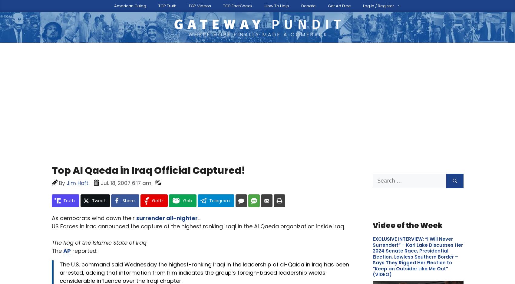  Describe the element at coordinates (68, 211) in the screenshot. I see `'You can'` at that location.